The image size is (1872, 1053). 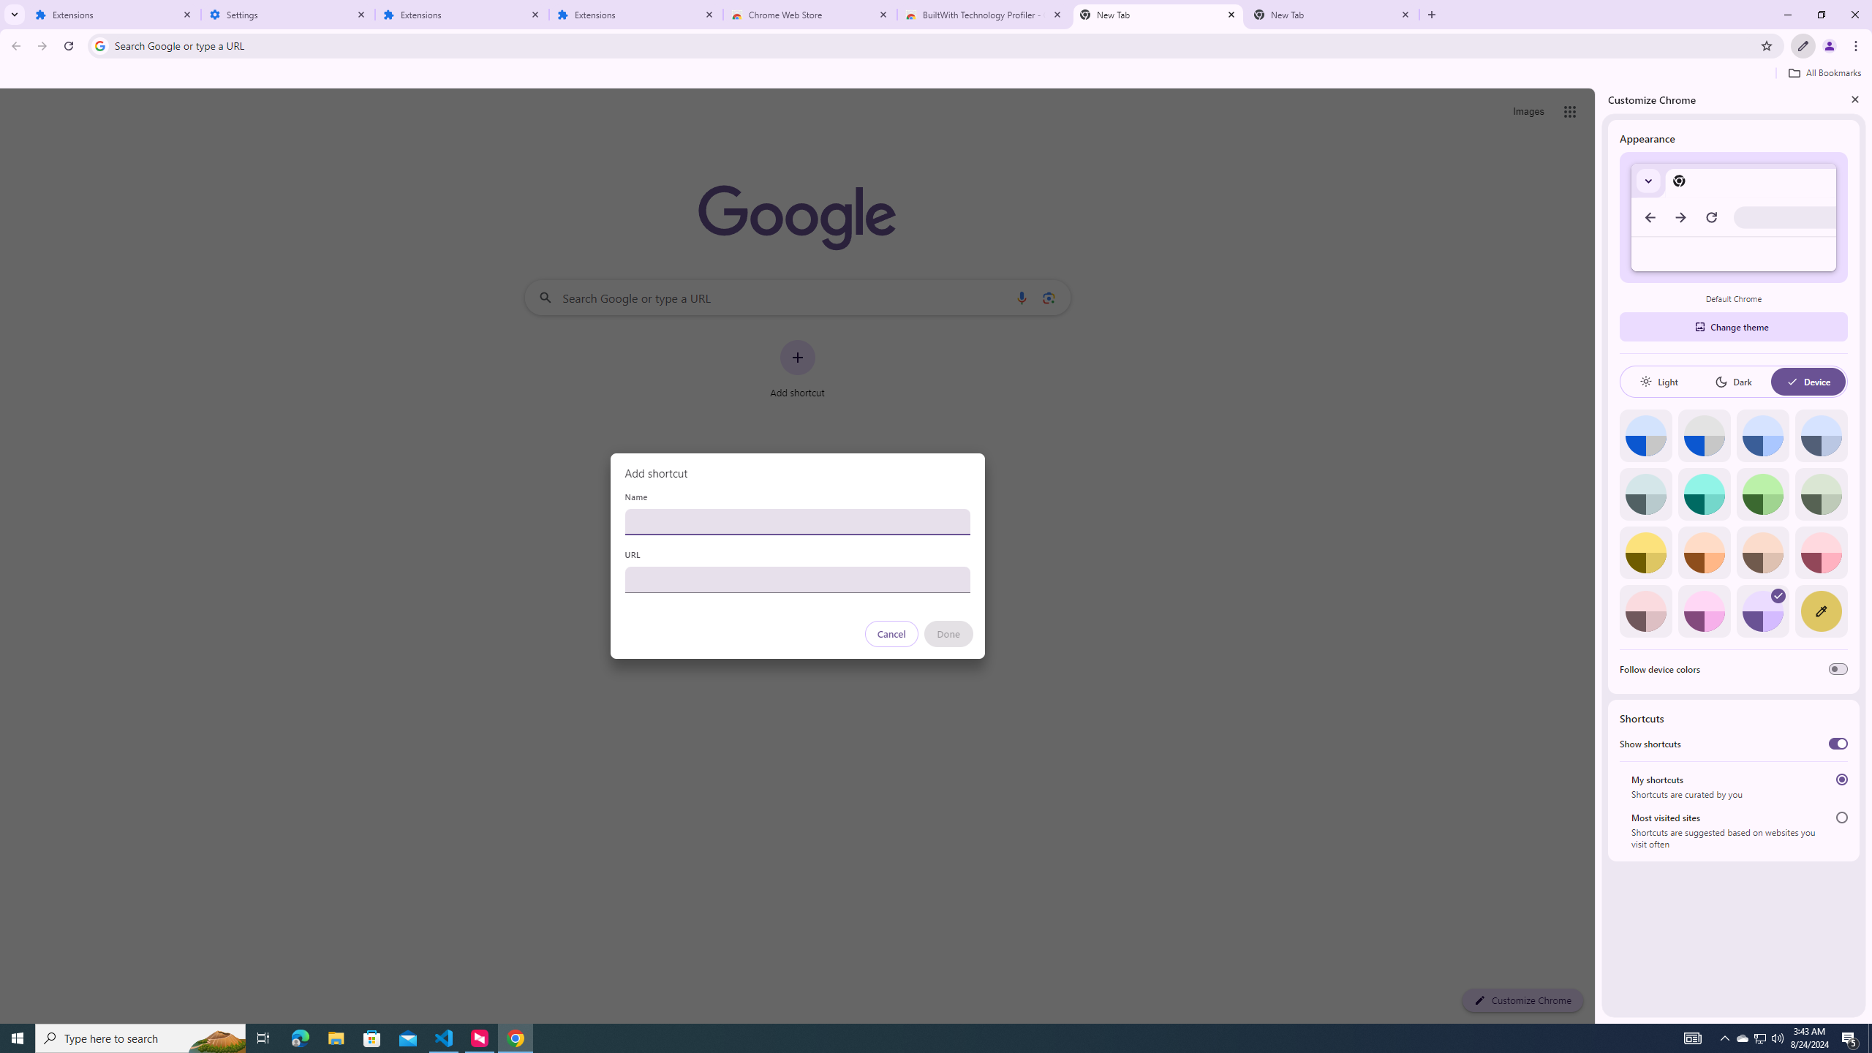 What do you see at coordinates (1837, 743) in the screenshot?
I see `'Show shortcuts'` at bounding box center [1837, 743].